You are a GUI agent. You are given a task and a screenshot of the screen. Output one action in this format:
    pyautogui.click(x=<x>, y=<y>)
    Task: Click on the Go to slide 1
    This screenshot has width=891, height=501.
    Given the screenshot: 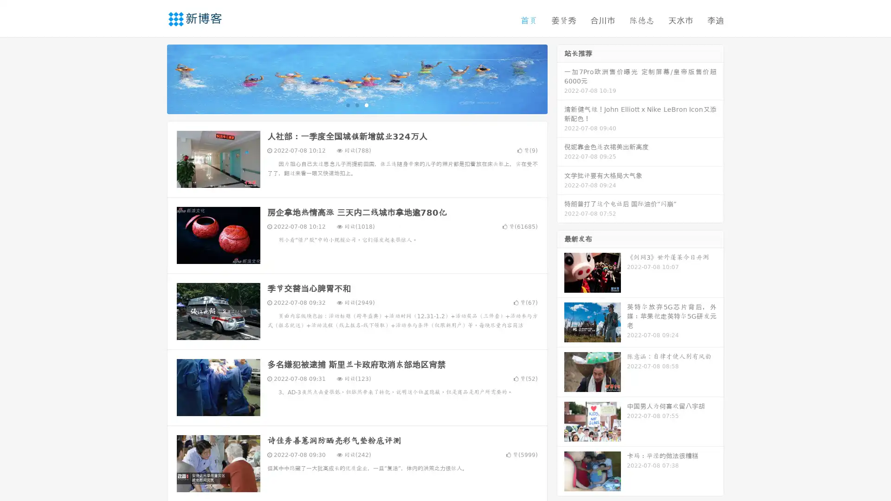 What is the action you would take?
    pyautogui.click(x=347, y=104)
    